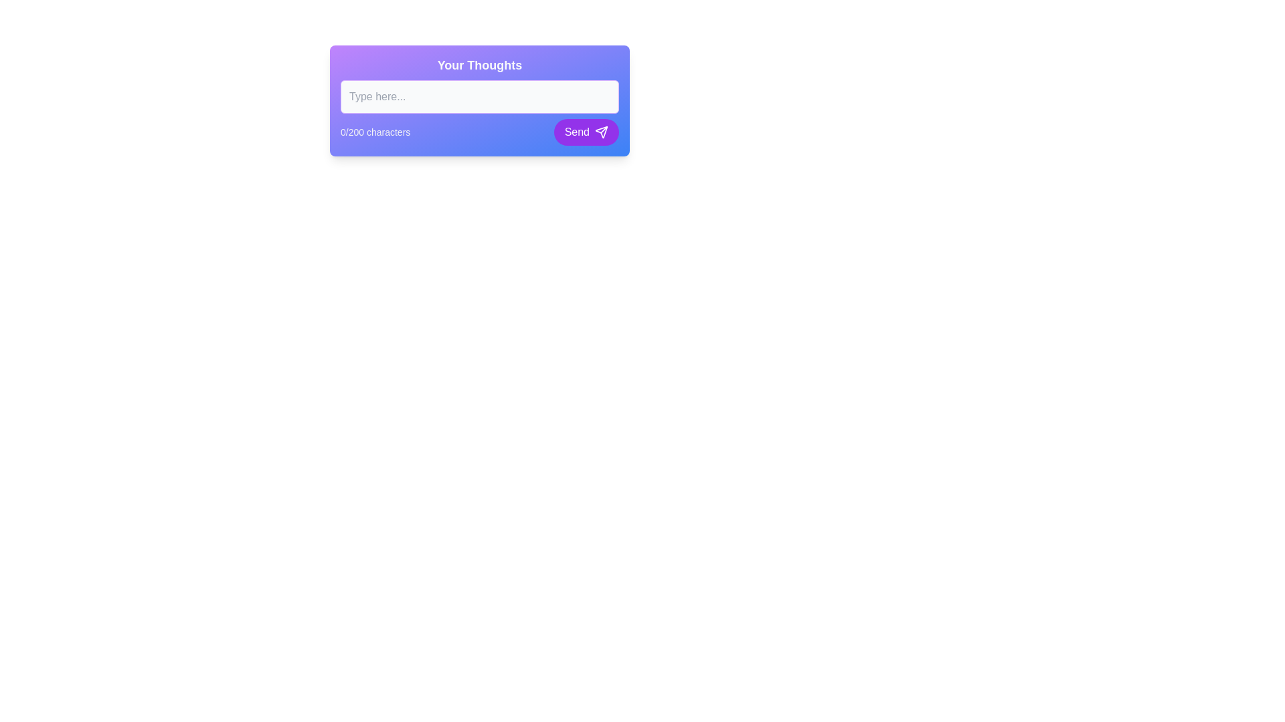 The width and height of the screenshot is (1285, 722). What do you see at coordinates (375, 132) in the screenshot?
I see `the static text label displaying the character count for the text input field, located to the left of the 'Send' button` at bounding box center [375, 132].